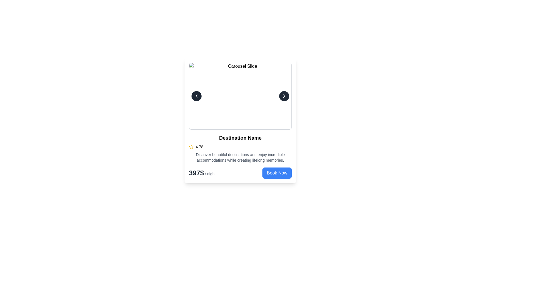 Image resolution: width=536 pixels, height=301 pixels. What do you see at coordinates (191, 147) in the screenshot?
I see `the yellow star icon representing a rating indication, located below 'Destination Name' and to the left of the numeric rating '4.78'` at bounding box center [191, 147].